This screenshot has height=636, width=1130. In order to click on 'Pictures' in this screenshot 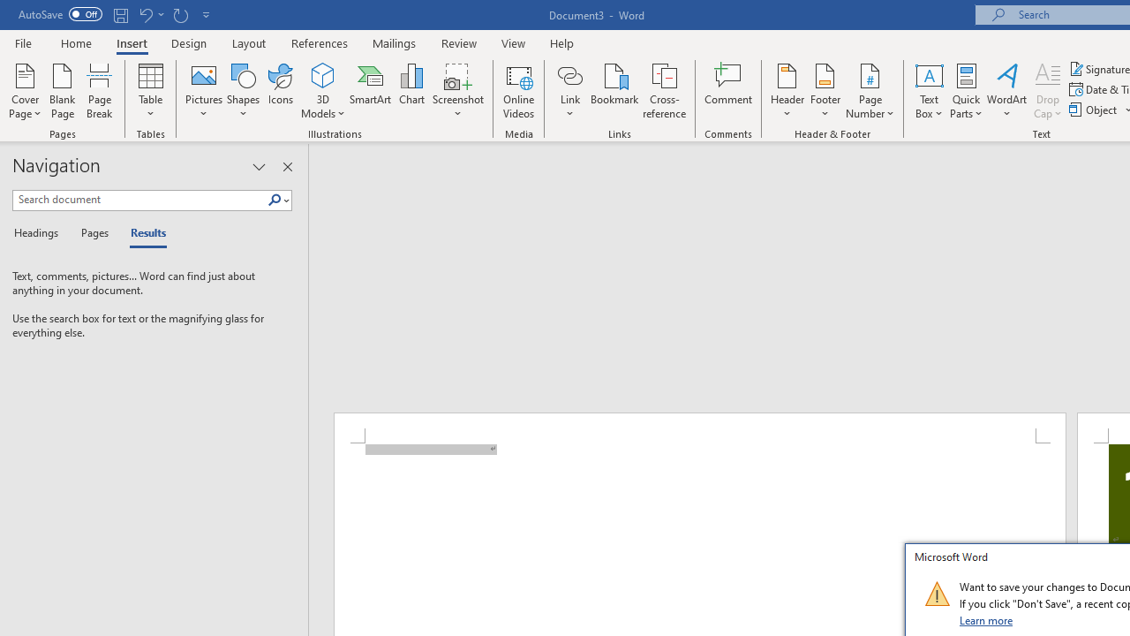, I will do `click(204, 91)`.